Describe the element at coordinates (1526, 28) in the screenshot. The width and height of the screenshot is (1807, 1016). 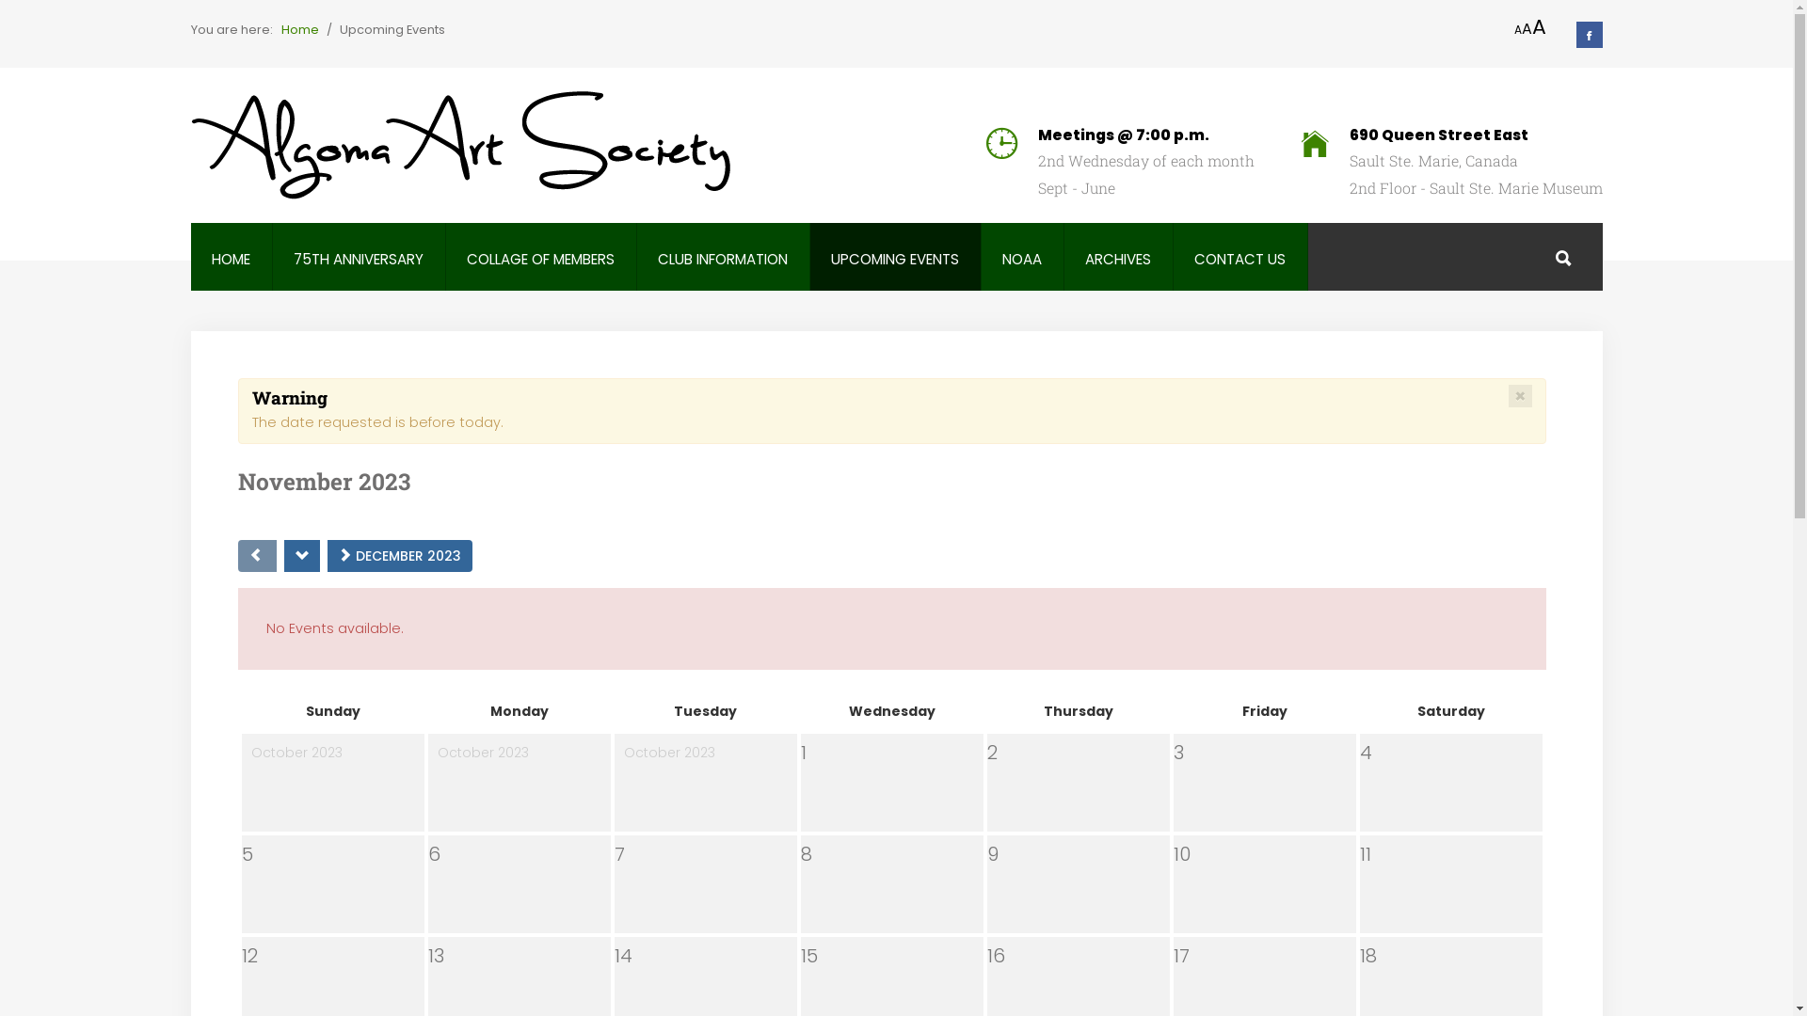
I see `'A'` at that location.